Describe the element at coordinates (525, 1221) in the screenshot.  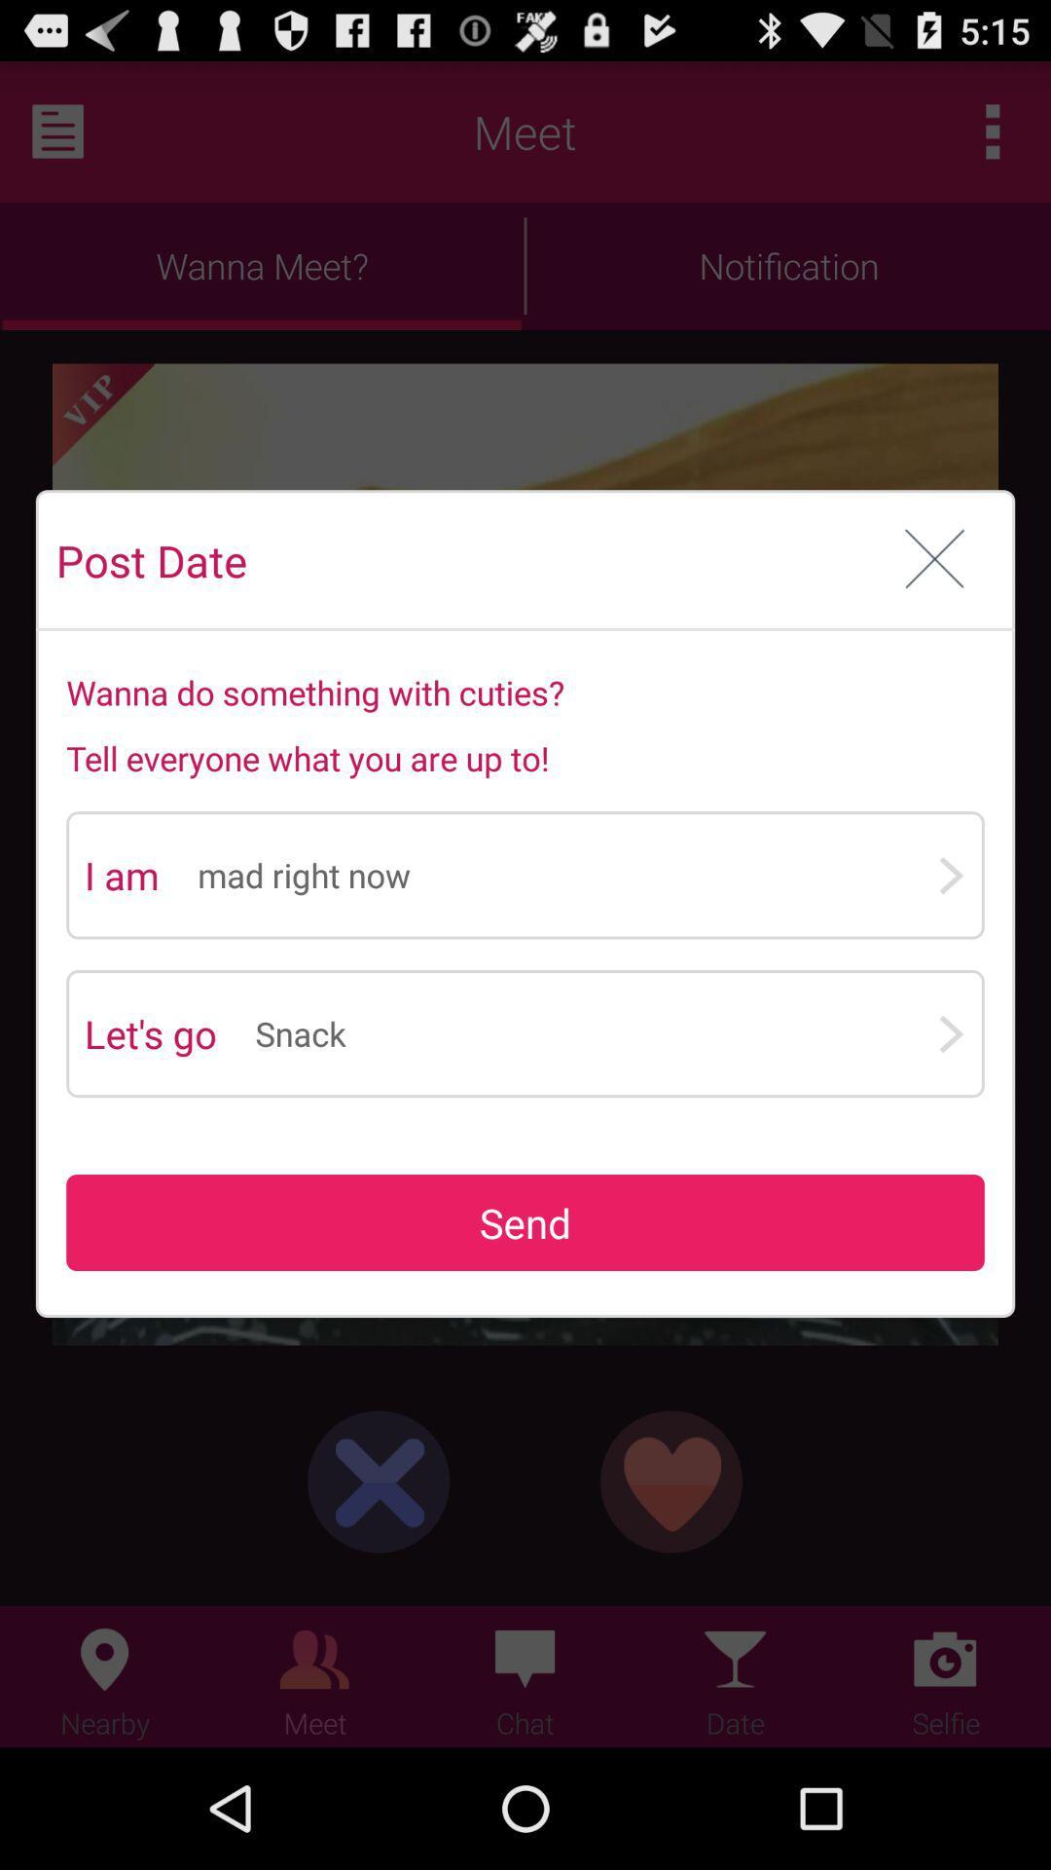
I see `the send button` at that location.